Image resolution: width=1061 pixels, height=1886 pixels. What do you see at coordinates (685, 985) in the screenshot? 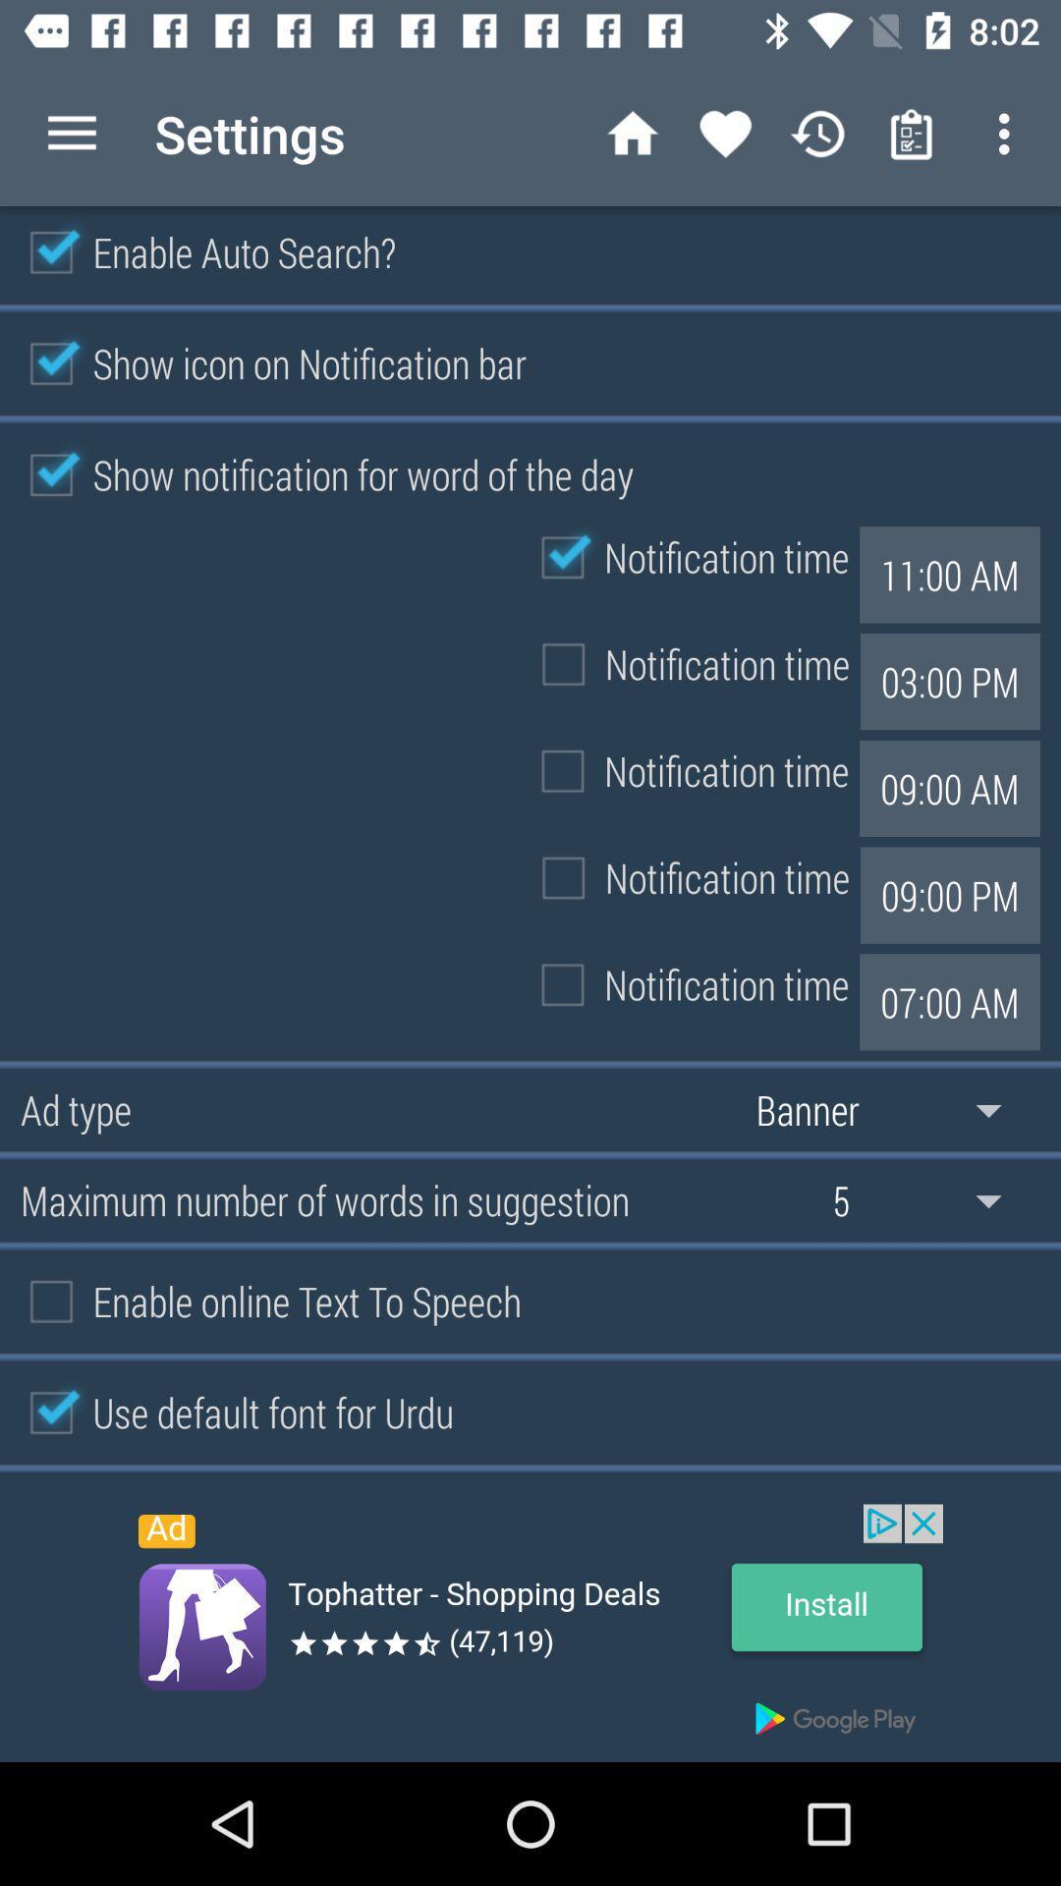
I see `the check box notification time on left to the button 0700 am on the web page` at bounding box center [685, 985].